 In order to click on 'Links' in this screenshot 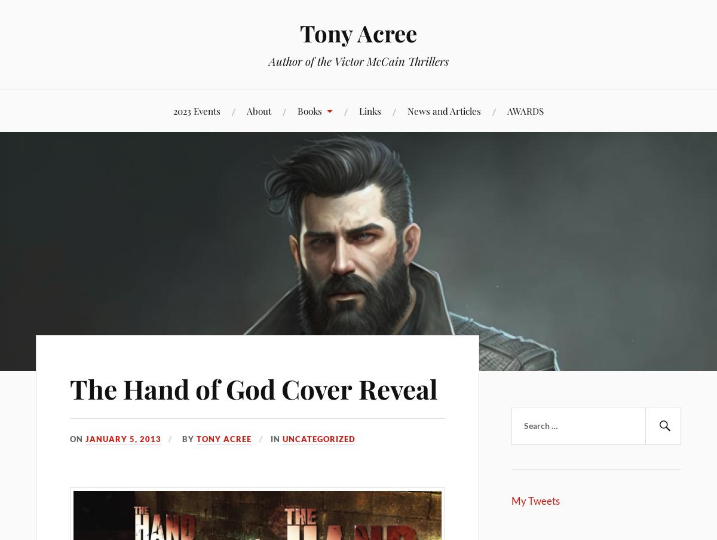, I will do `click(370, 110)`.